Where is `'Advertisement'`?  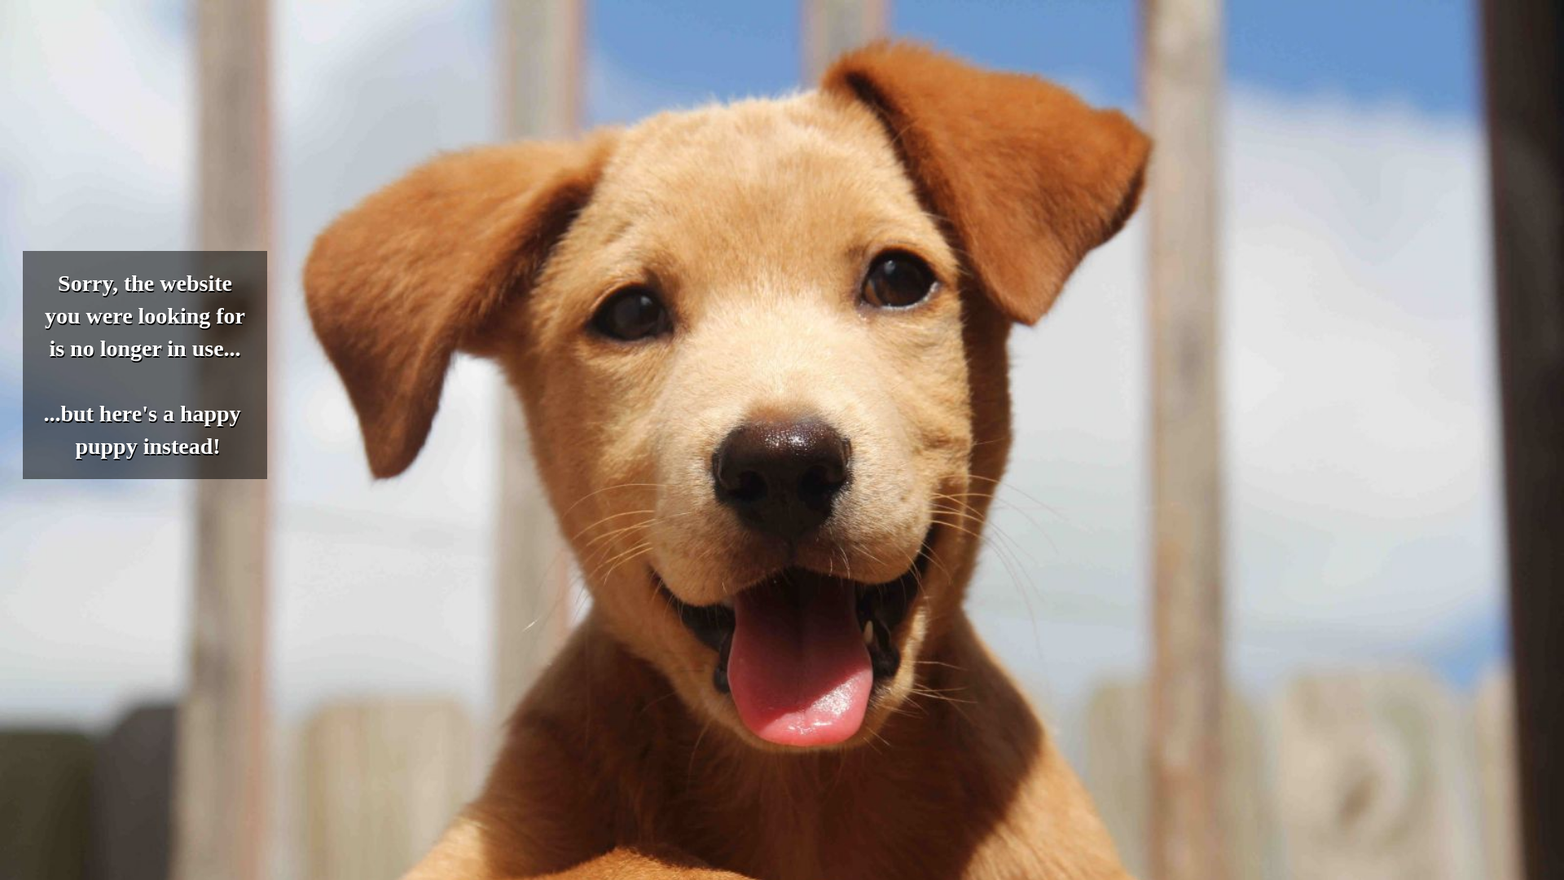 'Advertisement' is located at coordinates (494, 119).